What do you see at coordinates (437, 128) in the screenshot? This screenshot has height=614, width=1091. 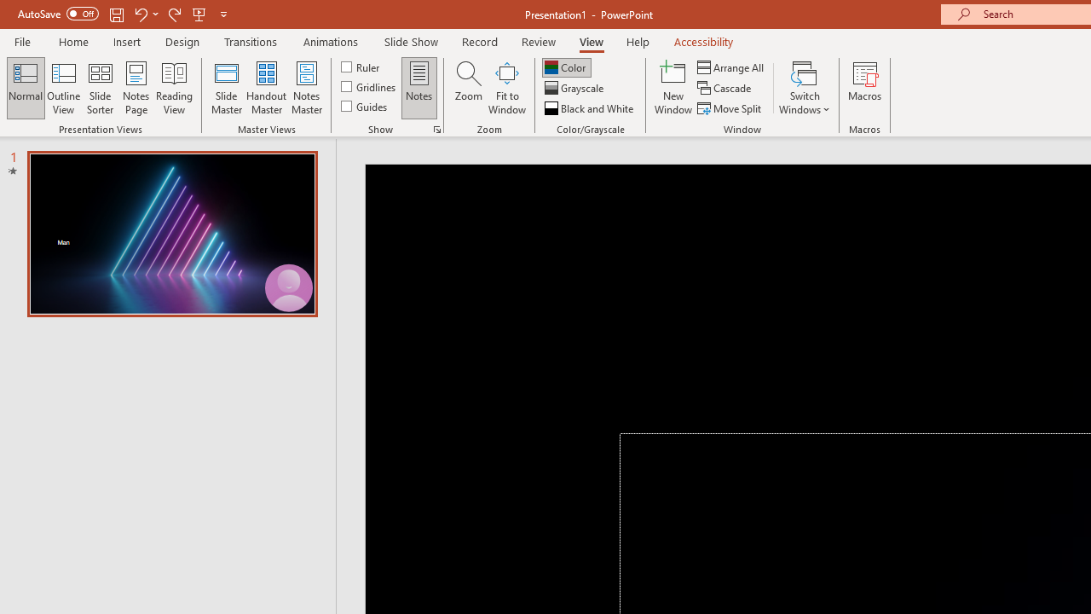 I see `'Grid Settings...'` at bounding box center [437, 128].